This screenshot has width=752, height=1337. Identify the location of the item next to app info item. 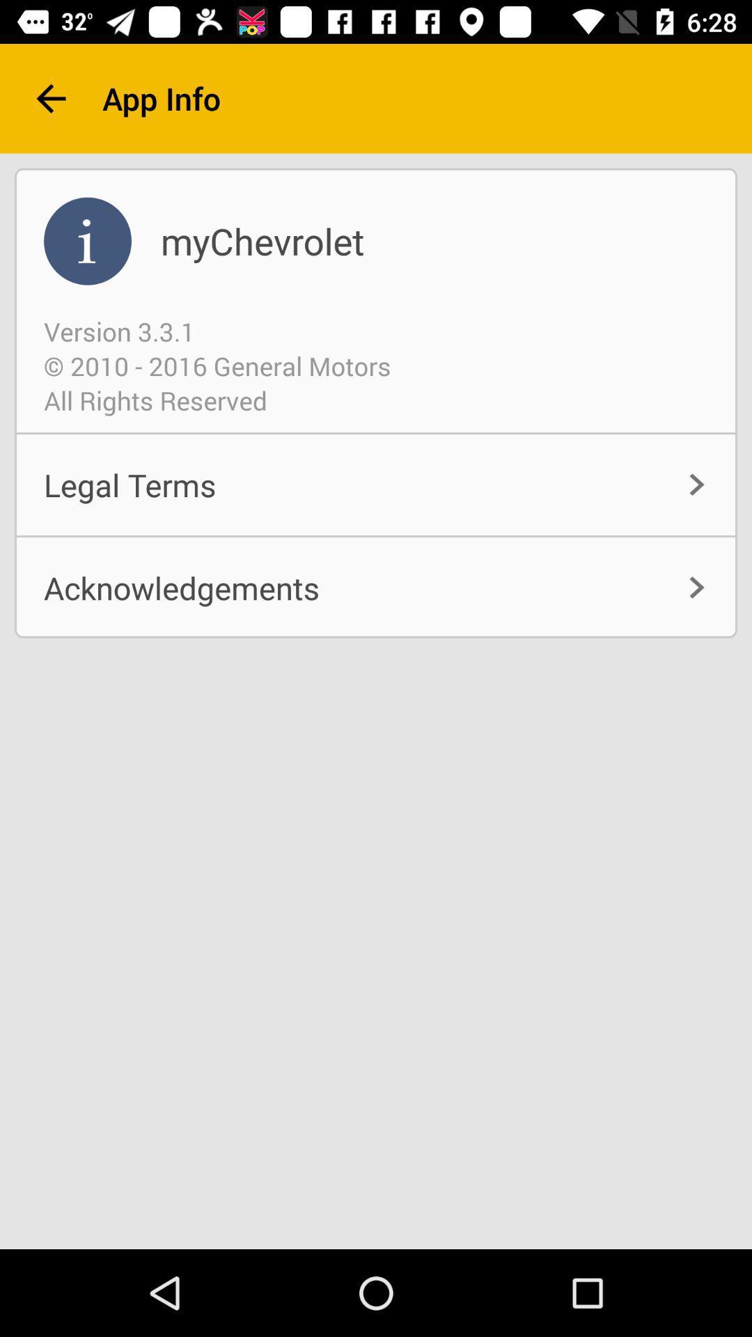
(50, 97).